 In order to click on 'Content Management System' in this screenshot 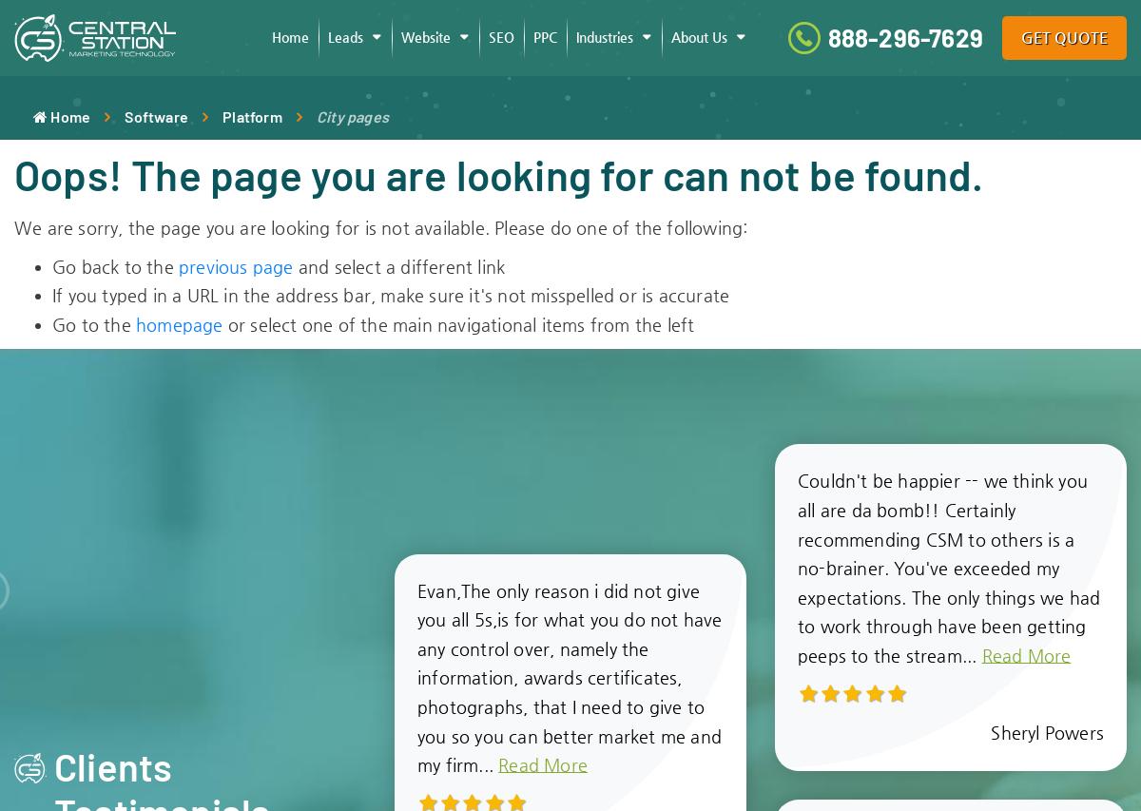, I will do `click(501, 92)`.